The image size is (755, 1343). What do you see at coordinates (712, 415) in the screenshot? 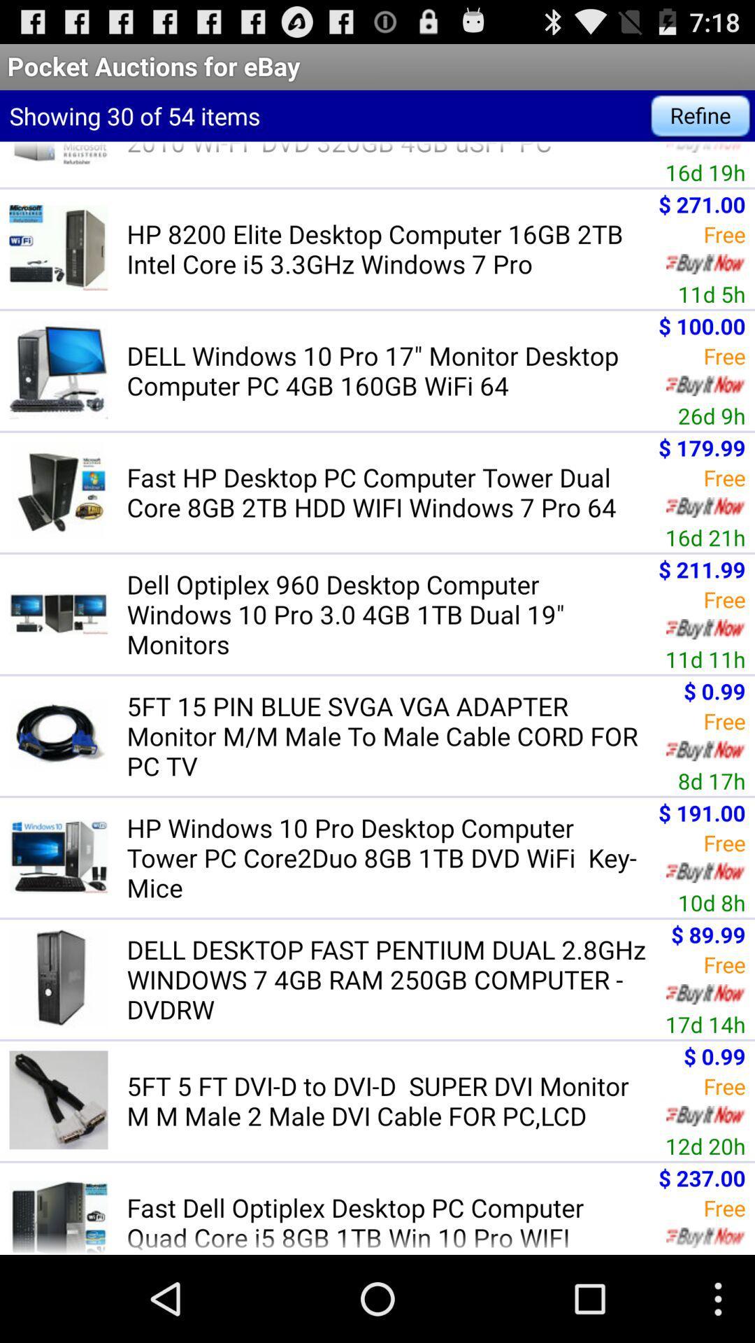
I see `the 26d 9h` at bounding box center [712, 415].